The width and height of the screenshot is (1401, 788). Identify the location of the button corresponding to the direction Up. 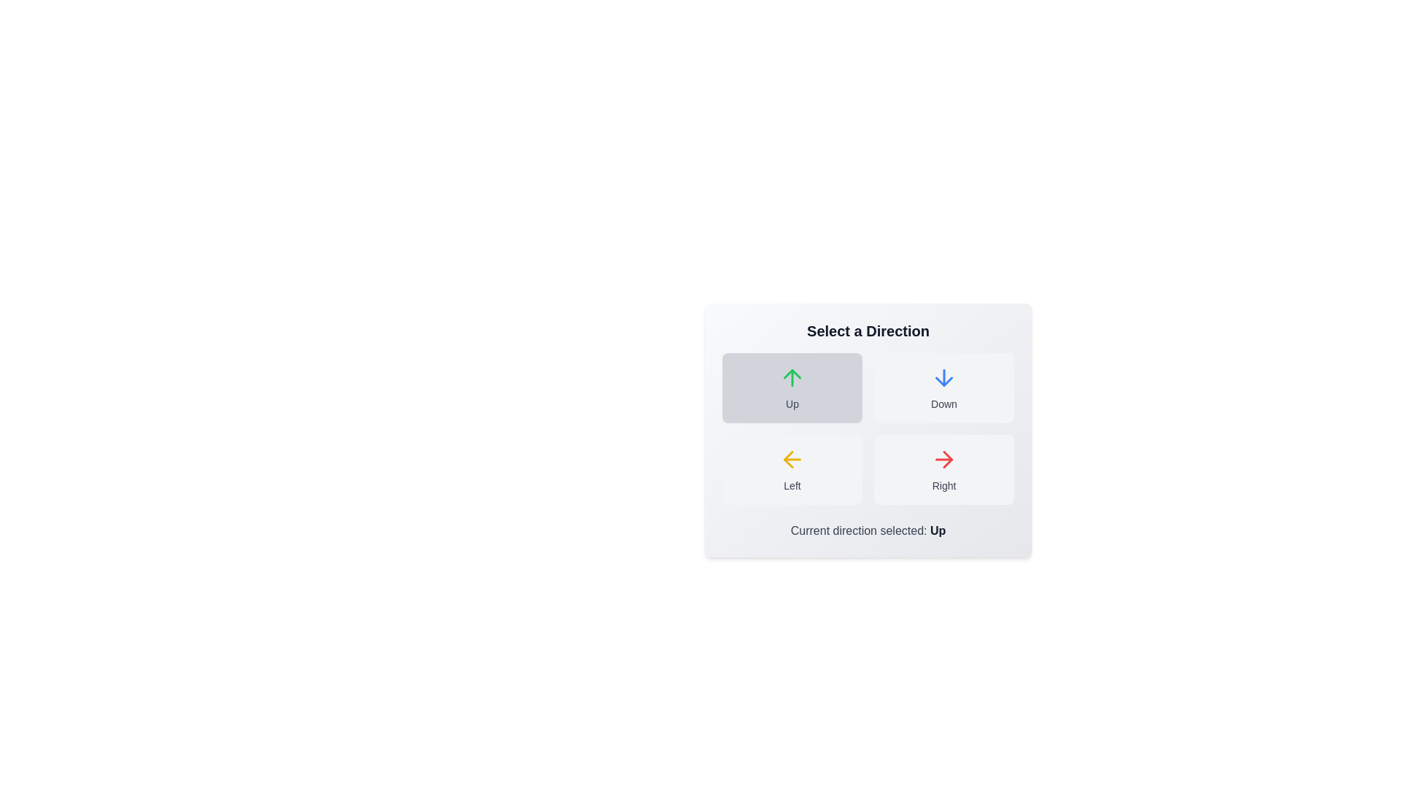
(791, 387).